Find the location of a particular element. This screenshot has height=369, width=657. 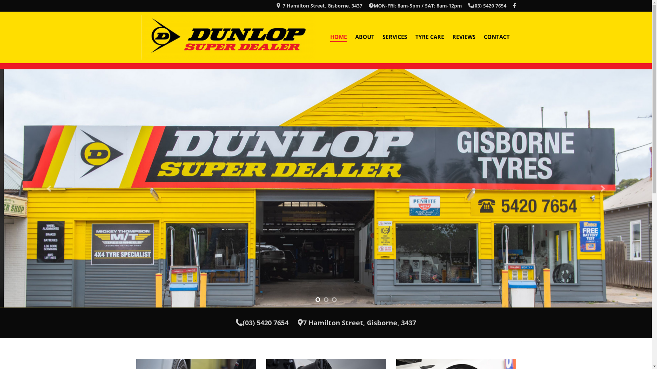

'REVIEWS' is located at coordinates (464, 37).